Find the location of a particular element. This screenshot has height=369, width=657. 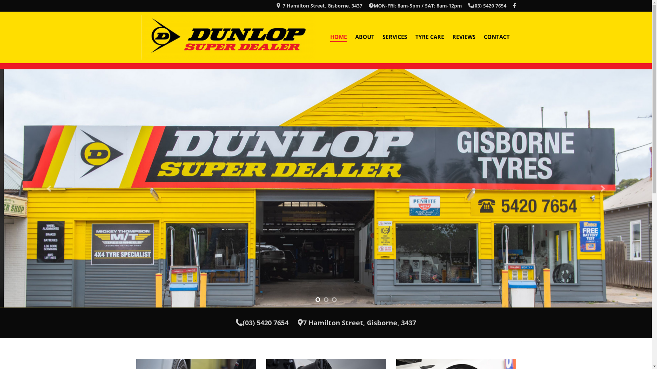

'REVIEWS' is located at coordinates (464, 37).